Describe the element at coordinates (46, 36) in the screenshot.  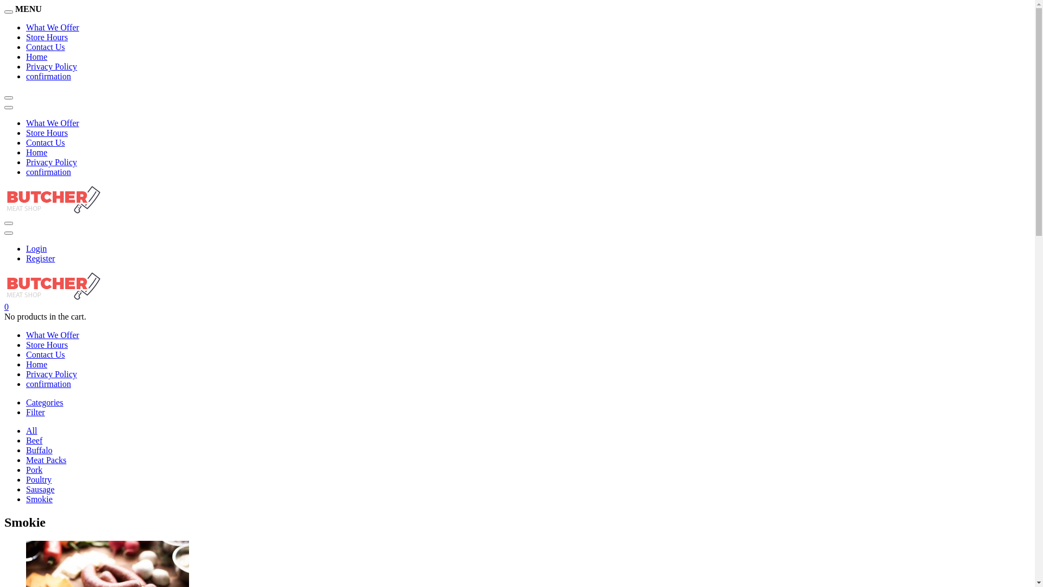
I see `'Store Hours'` at that location.